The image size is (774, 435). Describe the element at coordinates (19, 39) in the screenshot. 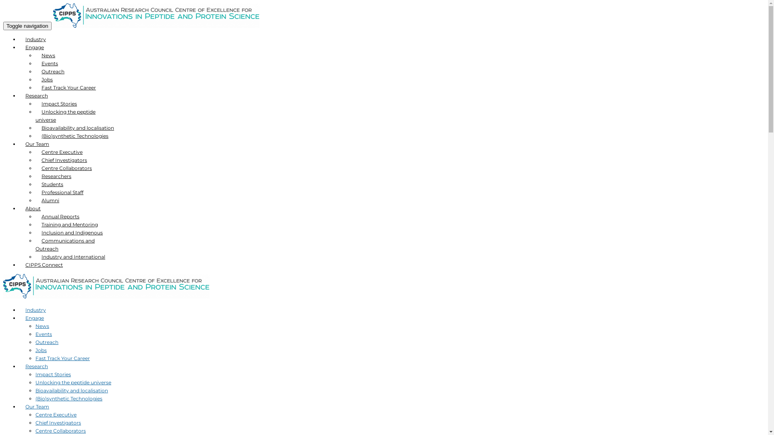

I see `'Industry'` at that location.